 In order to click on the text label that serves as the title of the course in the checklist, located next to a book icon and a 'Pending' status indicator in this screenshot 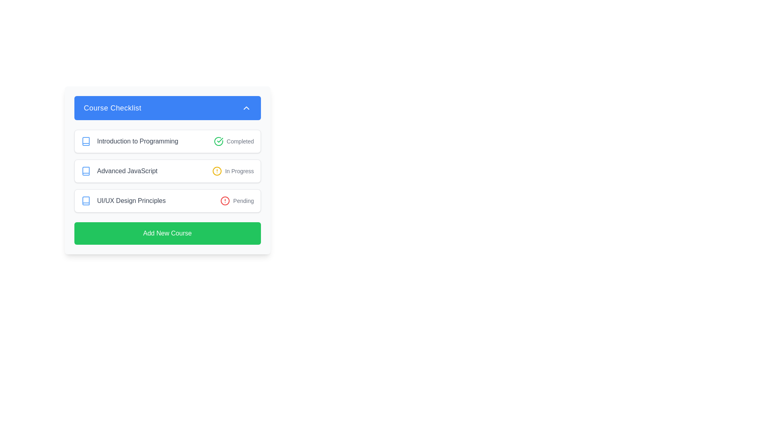, I will do `click(131, 201)`.